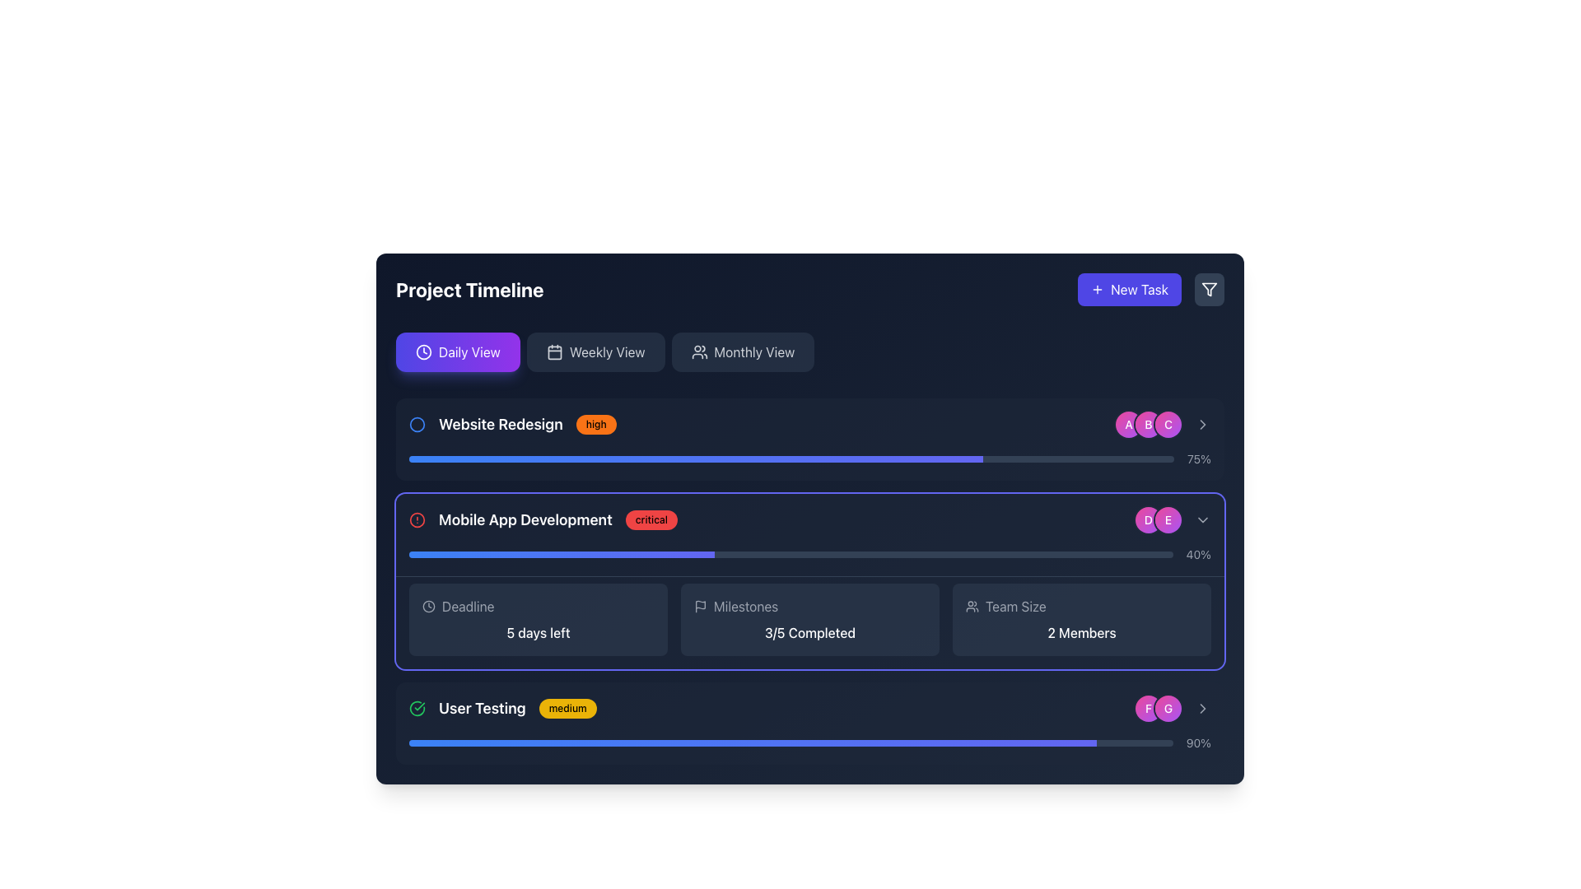 The height and width of the screenshot is (889, 1581). I want to click on the styling of the flag icon located to the left of the 'Milestones' text in the 'Mobile App Development' project milestone section, so click(700, 606).